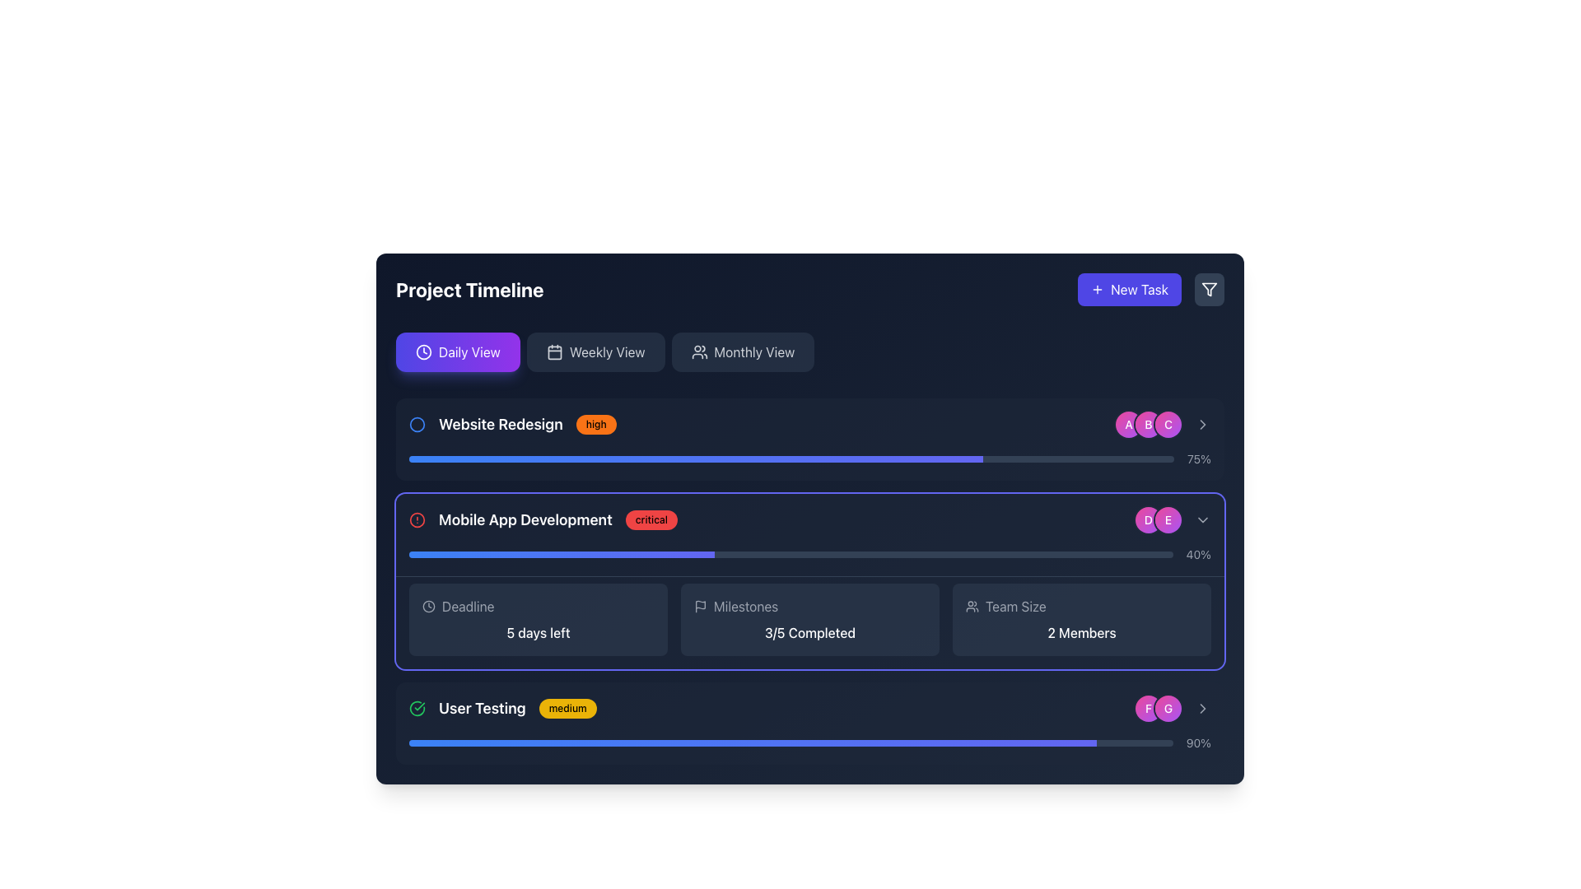 The height and width of the screenshot is (889, 1581). I want to click on the styling of the flag icon located to the left of the 'Milestones' text in the 'Mobile App Development' project milestone section, so click(700, 606).